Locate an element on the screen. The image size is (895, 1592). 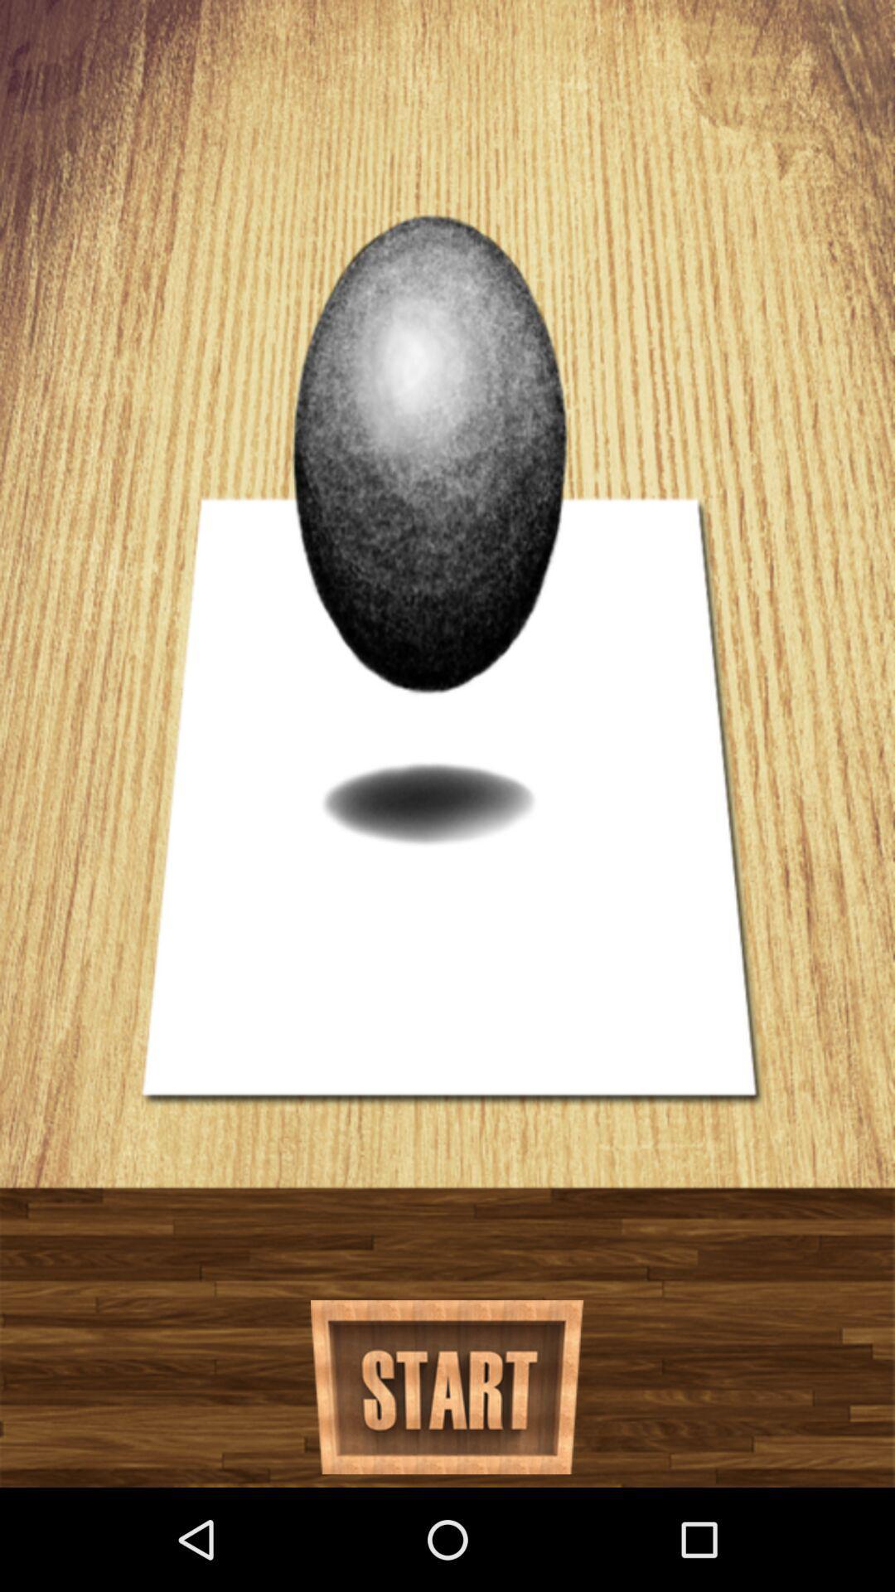
start is located at coordinates (446, 1387).